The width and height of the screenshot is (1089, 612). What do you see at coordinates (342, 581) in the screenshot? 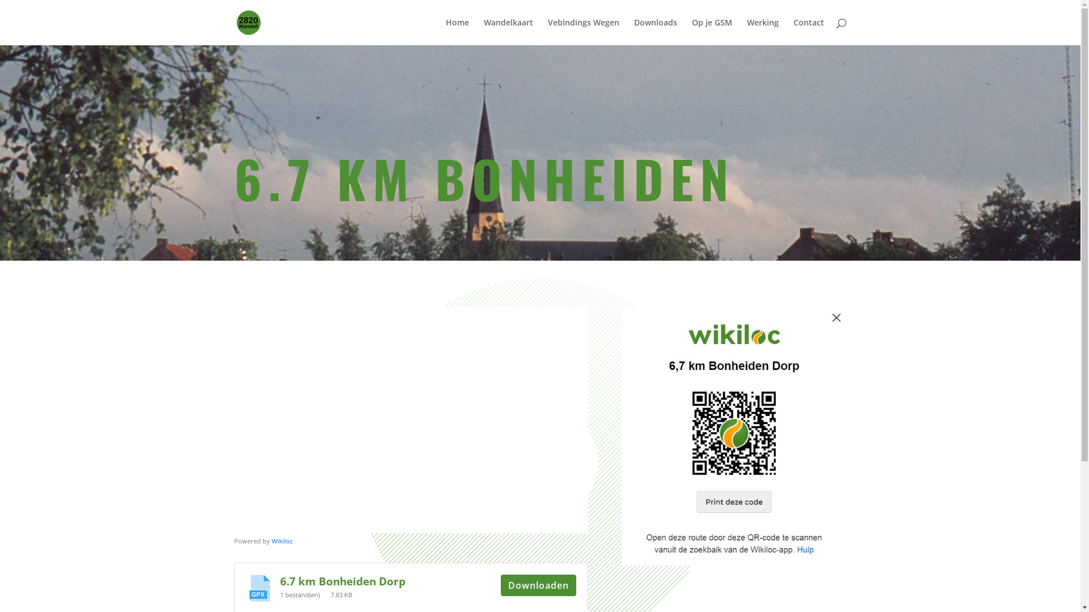
I see `'6.7 km Bonheiden Dorp'` at bounding box center [342, 581].